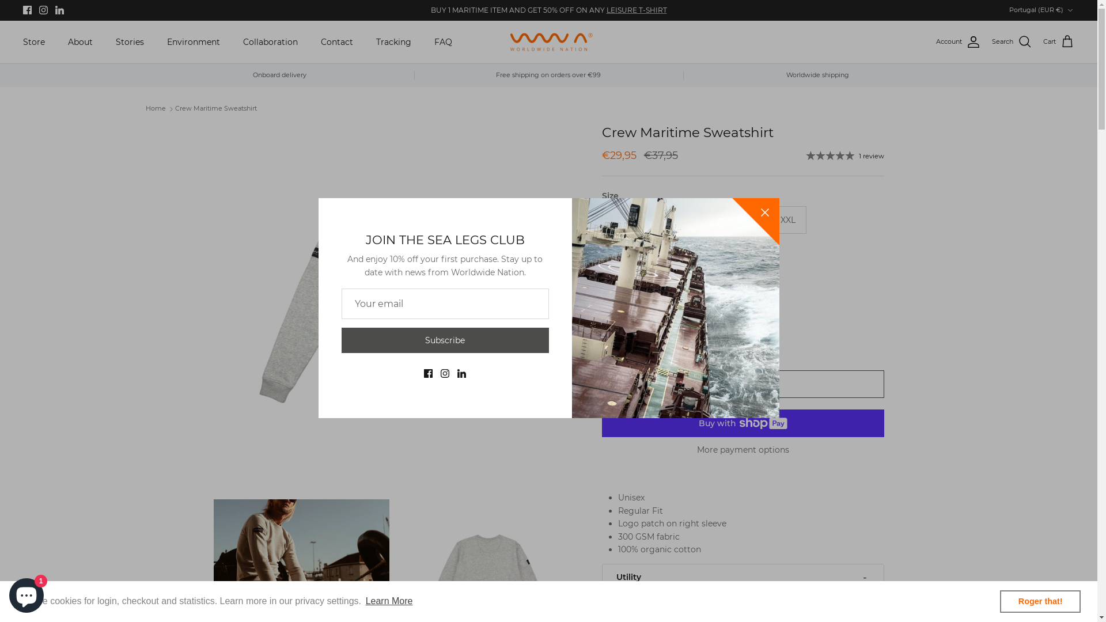 The width and height of the screenshot is (1106, 622). What do you see at coordinates (1059, 41) in the screenshot?
I see `'Cart'` at bounding box center [1059, 41].